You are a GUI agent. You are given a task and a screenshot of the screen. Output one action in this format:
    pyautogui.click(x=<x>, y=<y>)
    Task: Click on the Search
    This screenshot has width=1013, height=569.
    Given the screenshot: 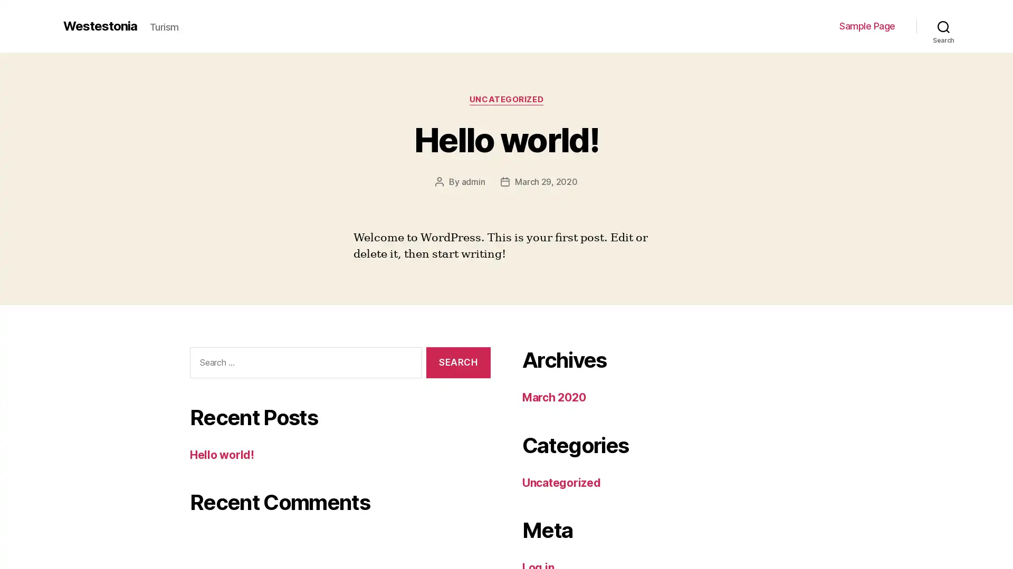 What is the action you would take?
    pyautogui.click(x=458, y=361)
    